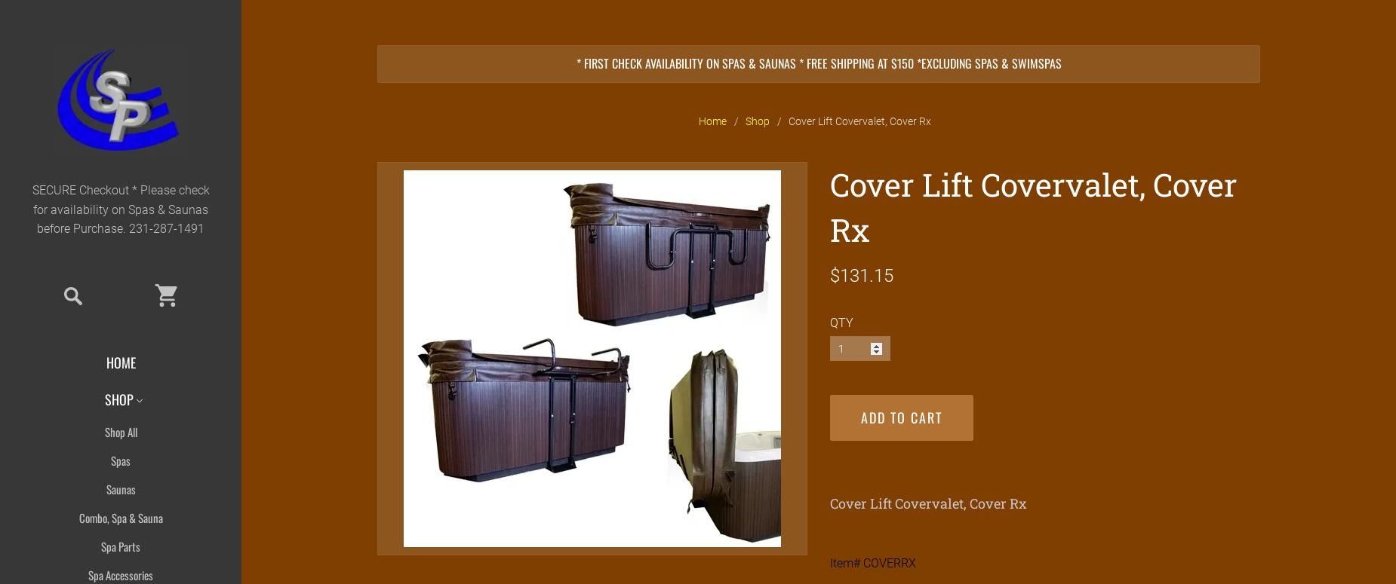  I want to click on 'Saunas', so click(119, 488).